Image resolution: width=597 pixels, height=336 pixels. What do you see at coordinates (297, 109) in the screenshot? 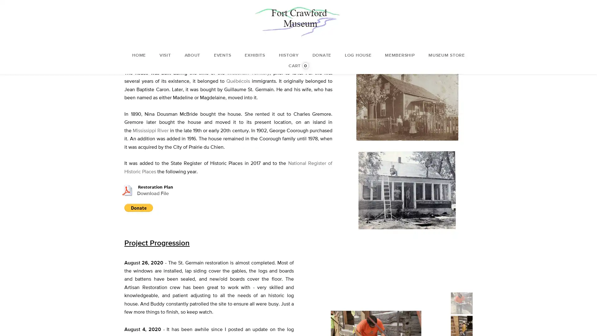
I see `Donate with PayPal button` at bounding box center [297, 109].